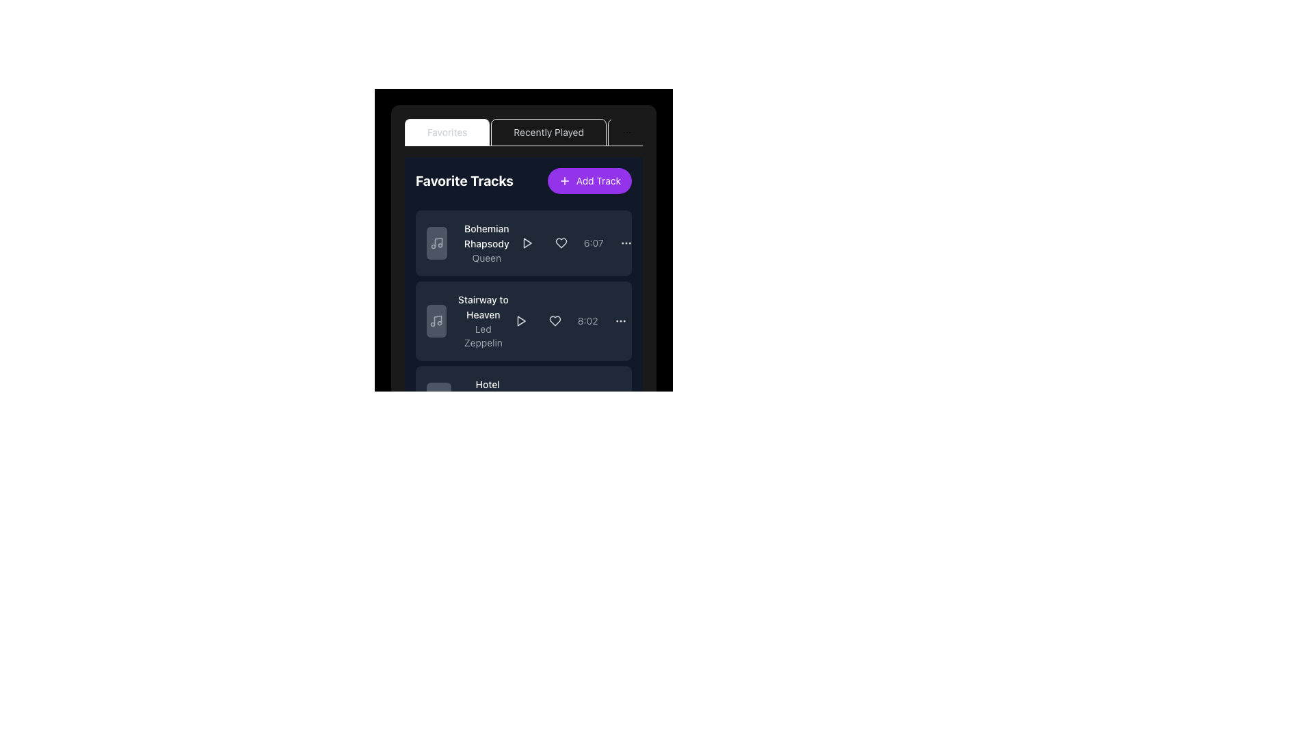  What do you see at coordinates (561, 242) in the screenshot?
I see `the heart-shaped vector icon located to the right of the 'Bohemian Rhapsody' track title` at bounding box center [561, 242].